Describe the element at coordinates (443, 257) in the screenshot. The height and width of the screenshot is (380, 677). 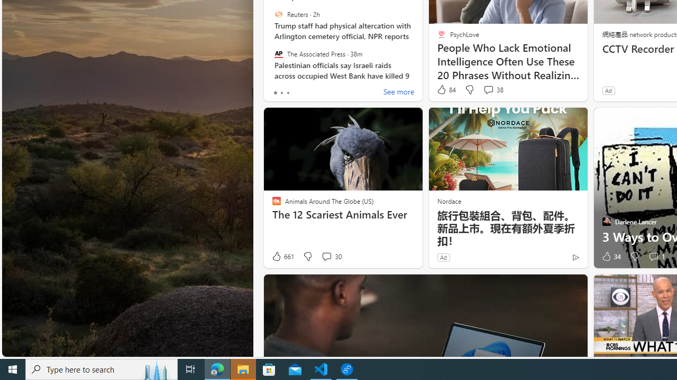
I see `'Ad'` at that location.